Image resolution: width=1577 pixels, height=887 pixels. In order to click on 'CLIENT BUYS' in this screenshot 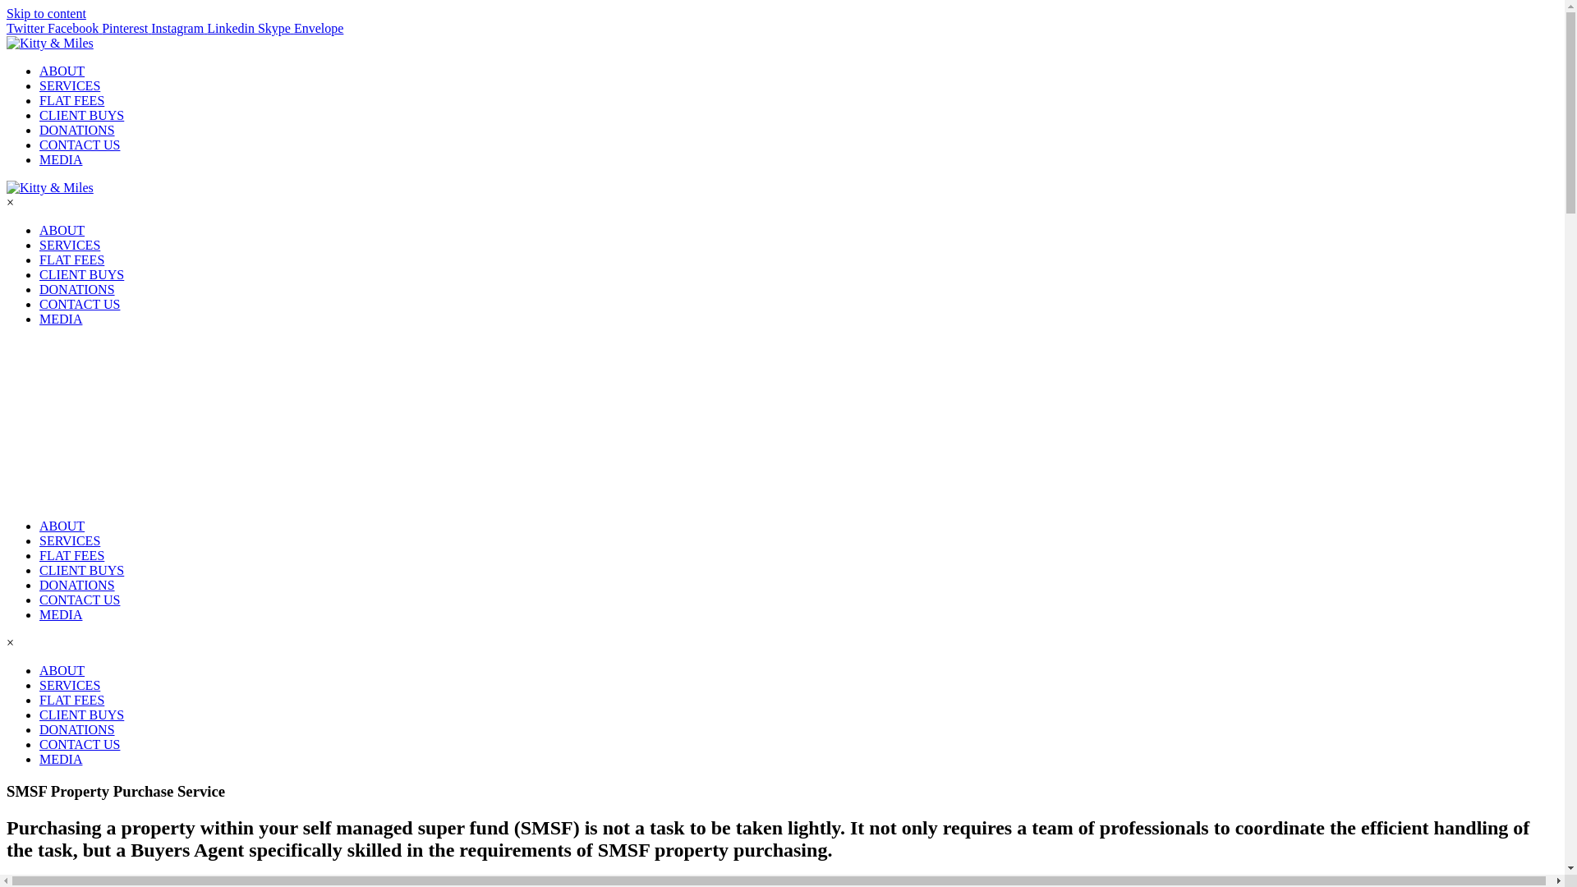, I will do `click(80, 714)`.